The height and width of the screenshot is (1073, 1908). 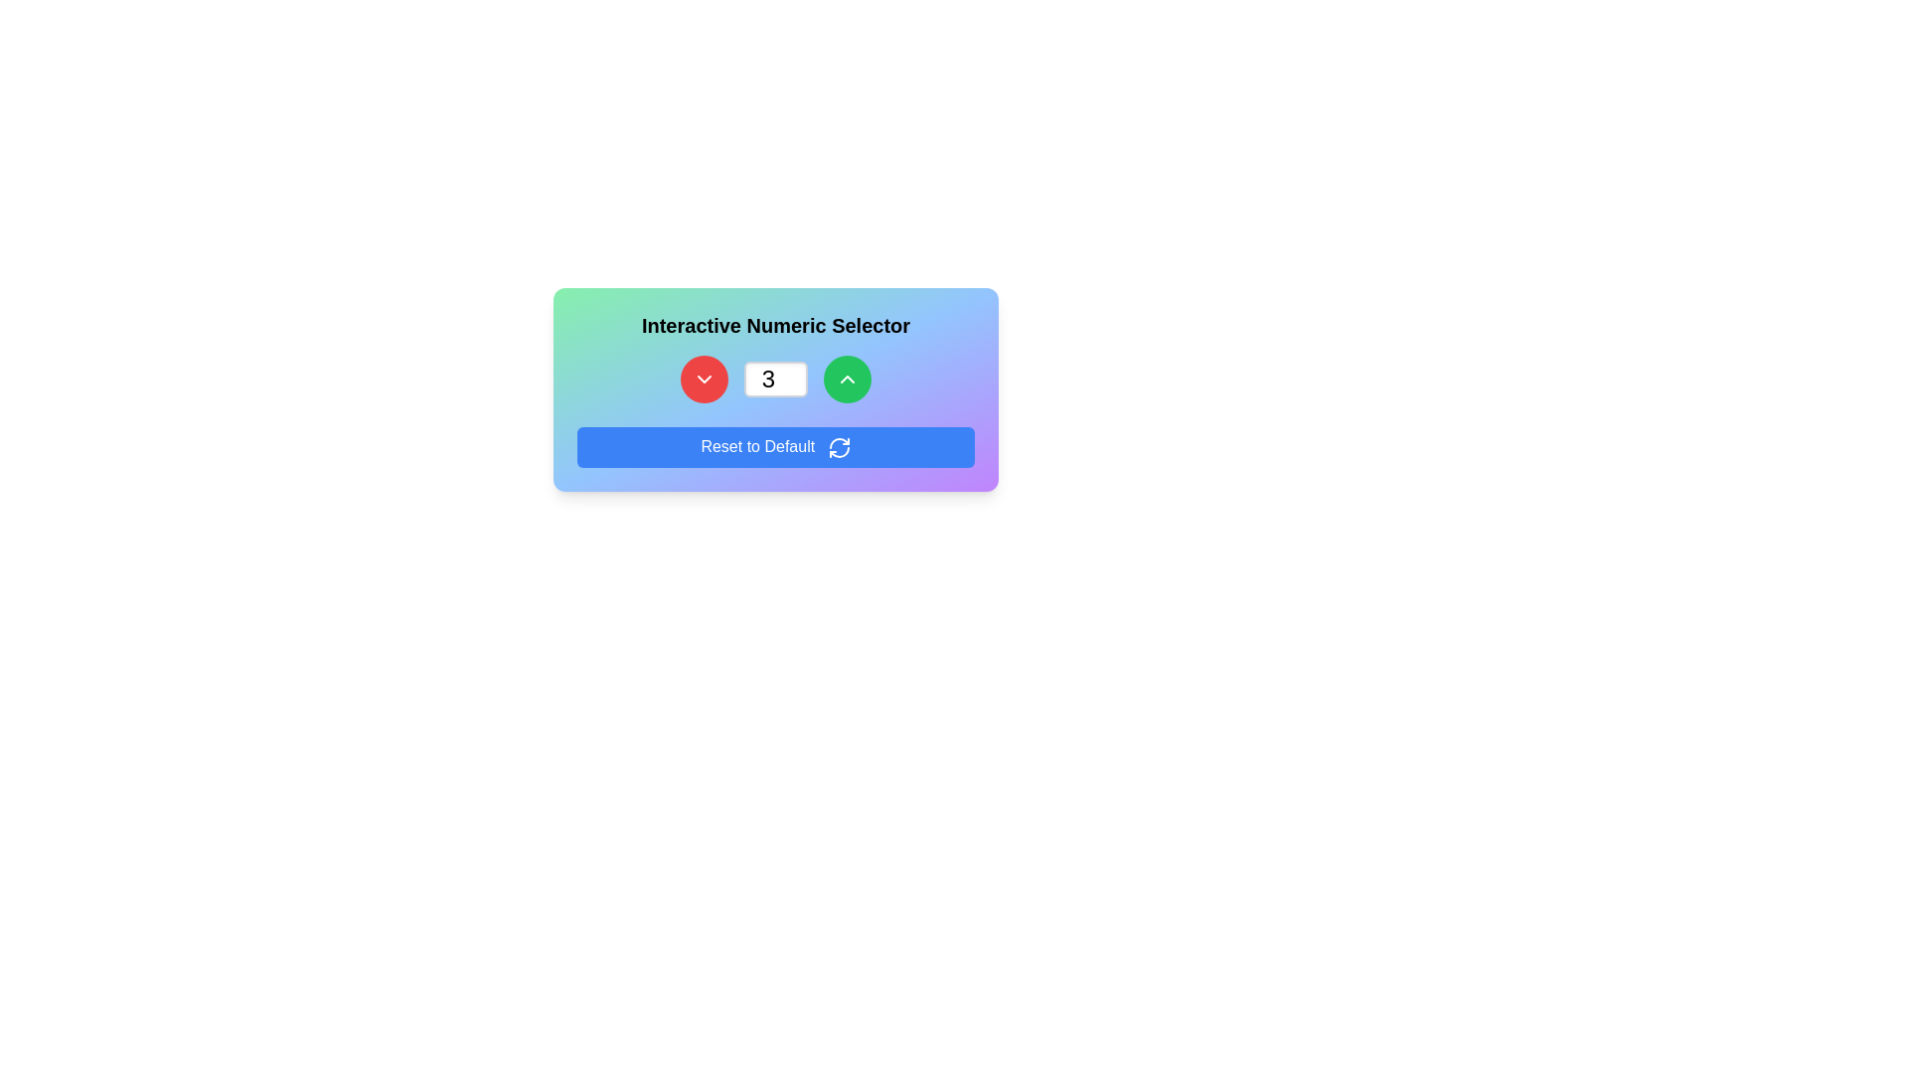 What do you see at coordinates (848, 379) in the screenshot?
I see `the chevron-up icon within the green button located to the right of the numeric input field to prepare for keyboard interaction` at bounding box center [848, 379].